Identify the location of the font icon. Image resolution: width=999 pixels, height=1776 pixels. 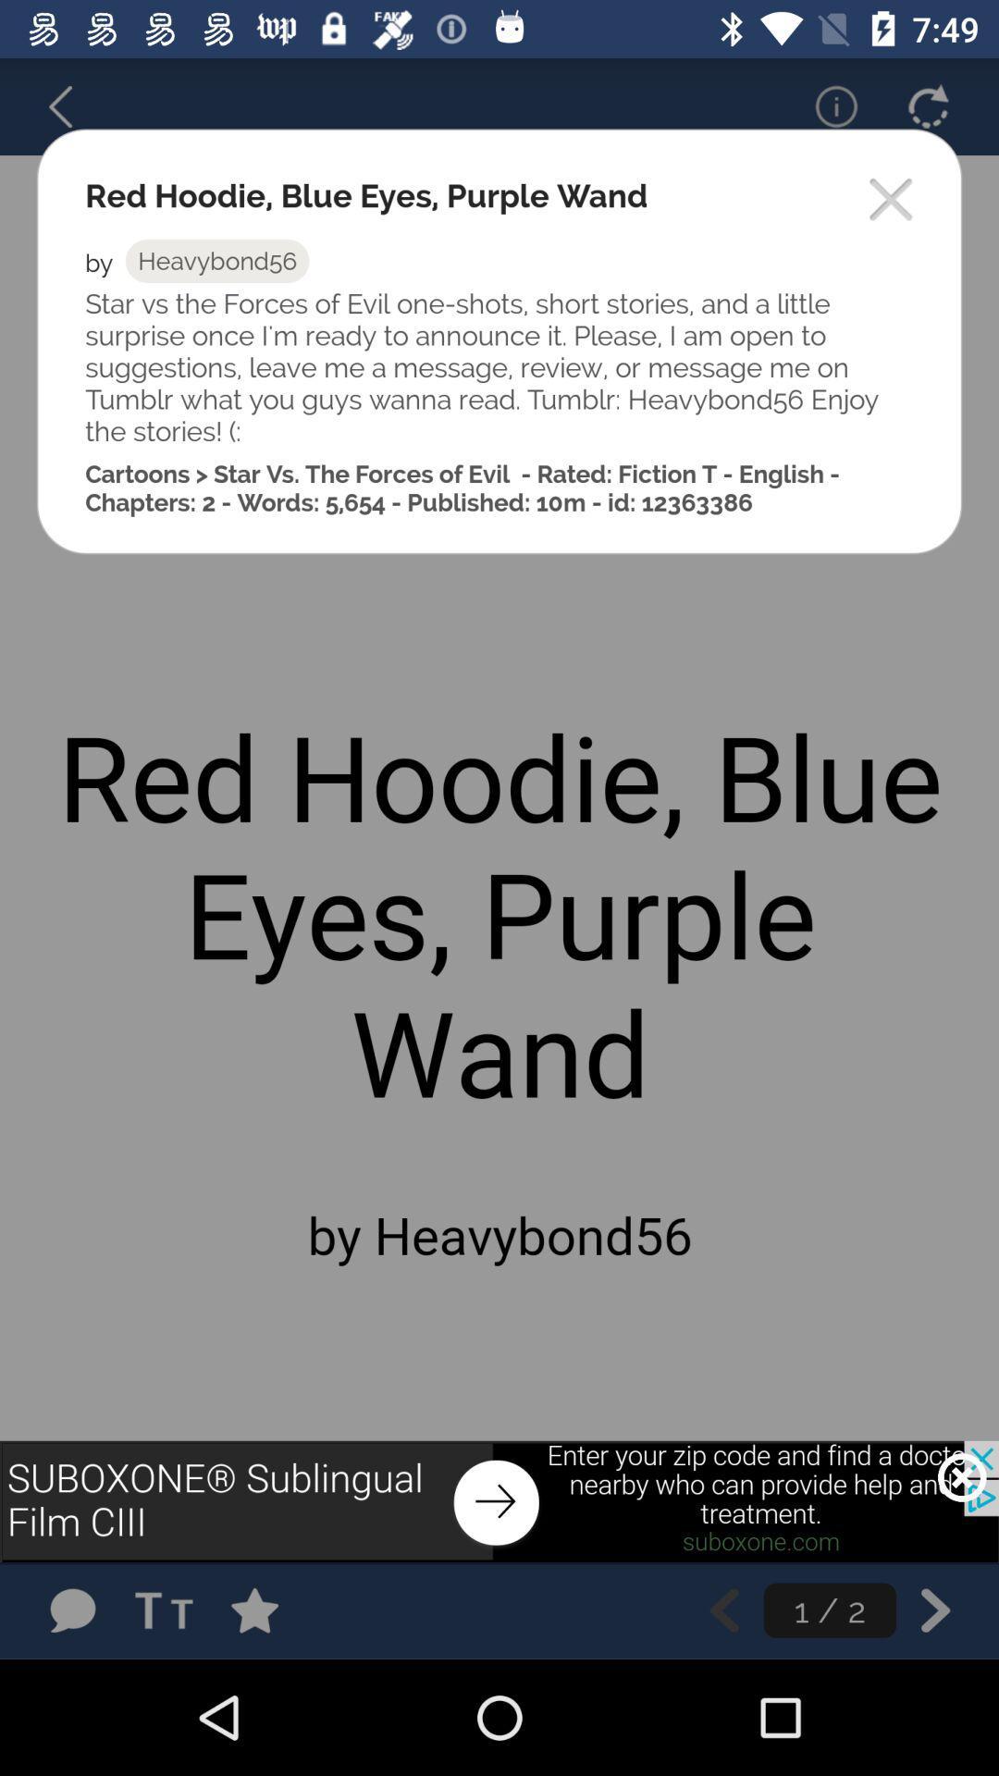
(169, 1609).